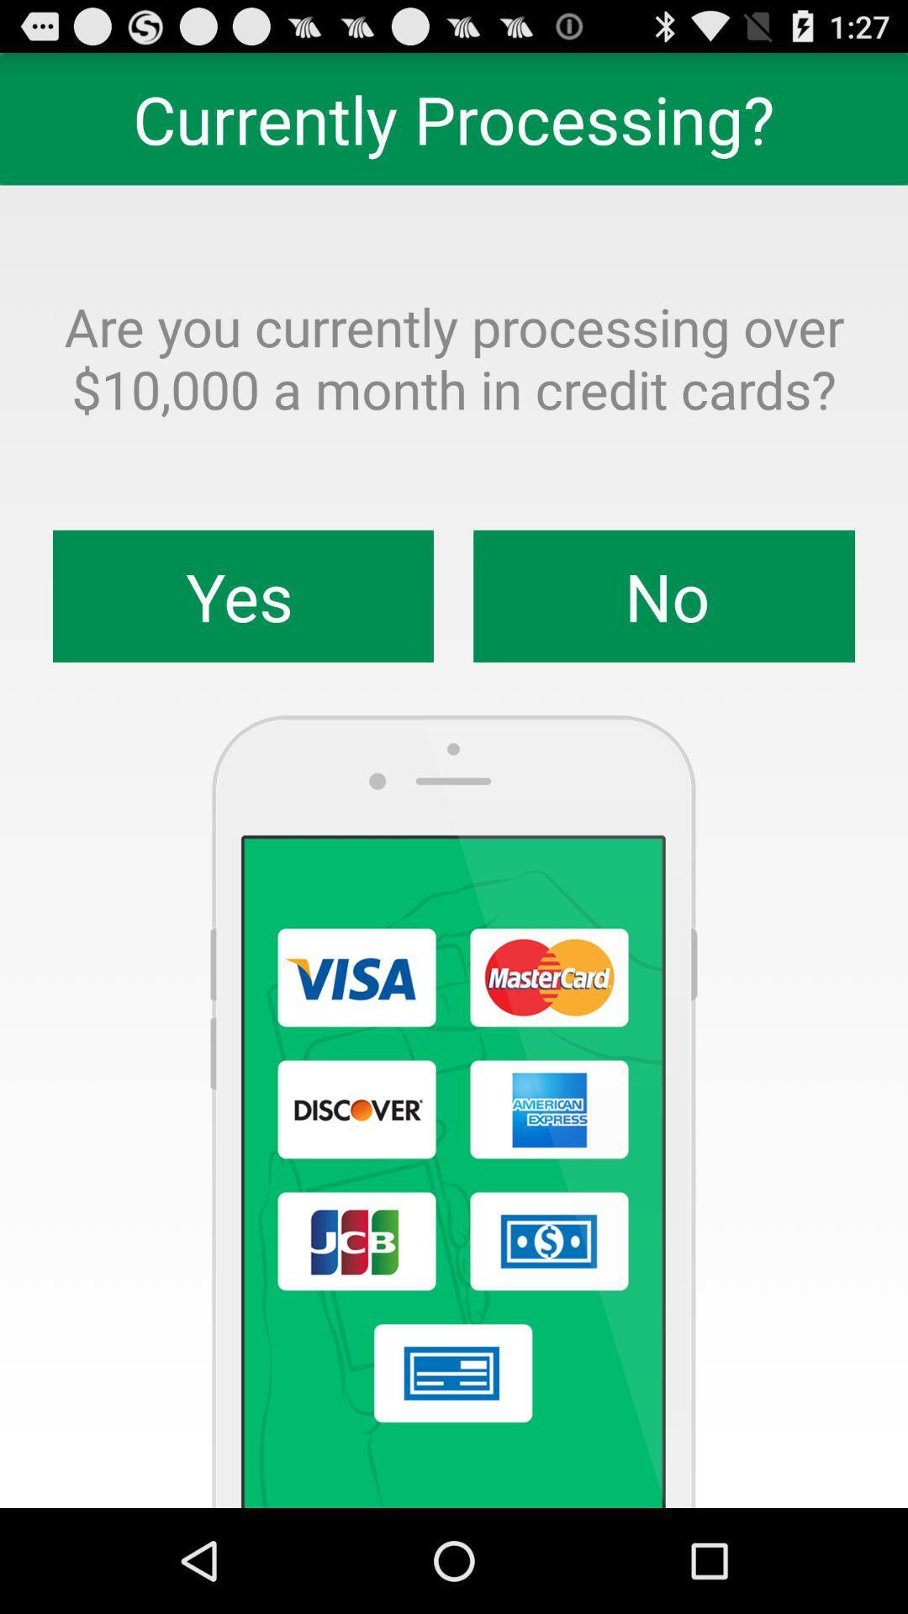 This screenshot has height=1614, width=908. What do you see at coordinates (243, 596) in the screenshot?
I see `yes` at bounding box center [243, 596].